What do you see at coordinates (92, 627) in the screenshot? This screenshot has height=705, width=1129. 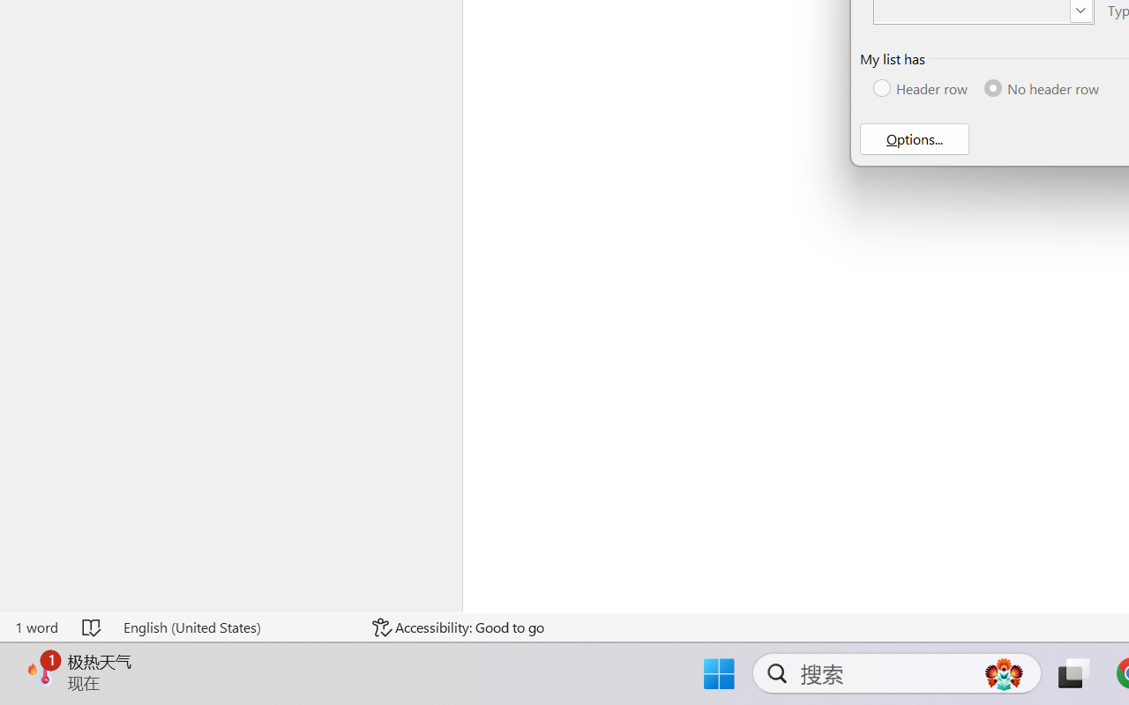 I see `'Spelling and Grammar Check No Errors'` at bounding box center [92, 627].